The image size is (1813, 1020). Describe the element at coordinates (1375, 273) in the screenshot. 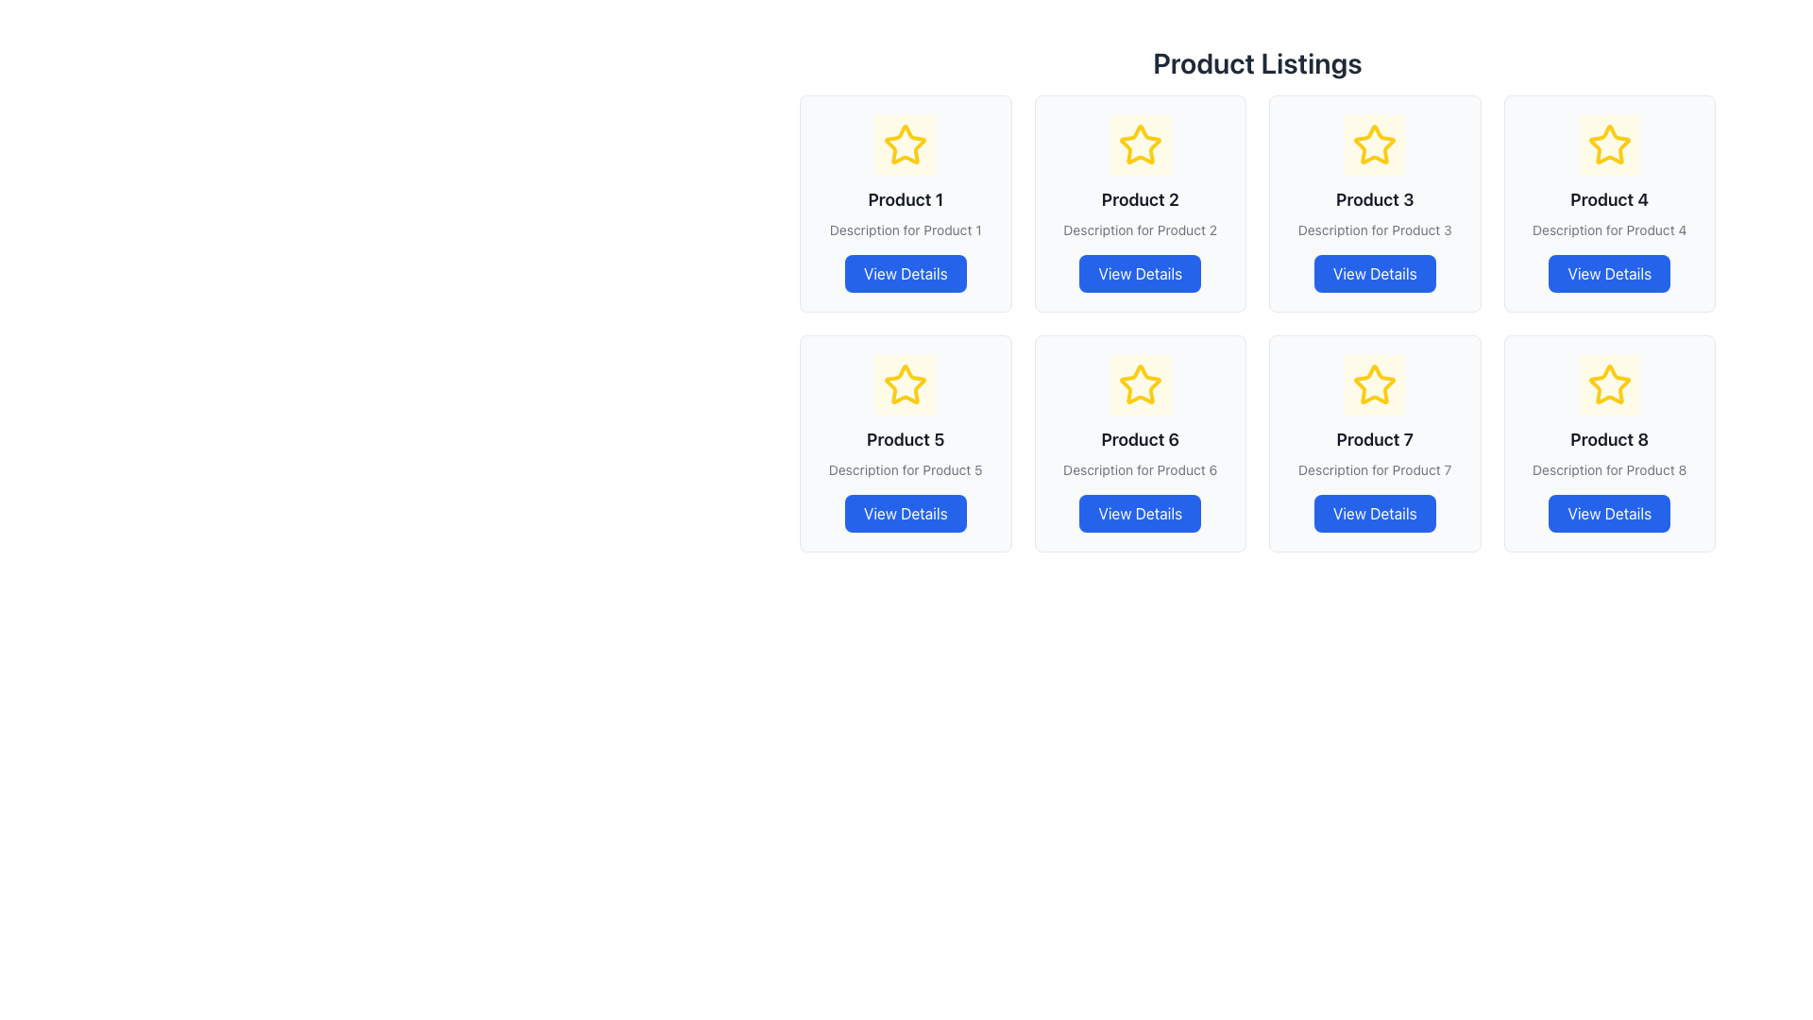

I see `the 'View Details' button with a blue background and white text located in the card labeled 'Product 3'` at that location.